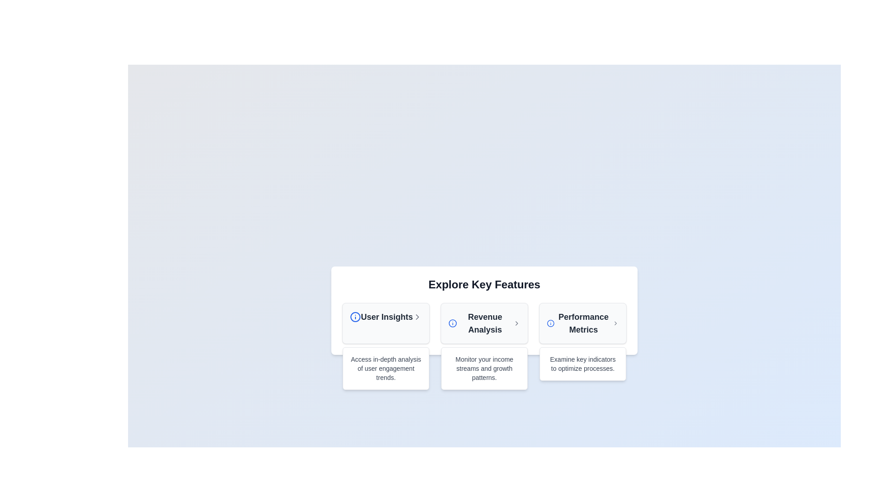  Describe the element at coordinates (582, 363) in the screenshot. I see `the static text label that reads 'Examine key indicators to optimize processes.' located in the bottom-center part of the white card beneath the 'Performance Metrics' section` at that location.